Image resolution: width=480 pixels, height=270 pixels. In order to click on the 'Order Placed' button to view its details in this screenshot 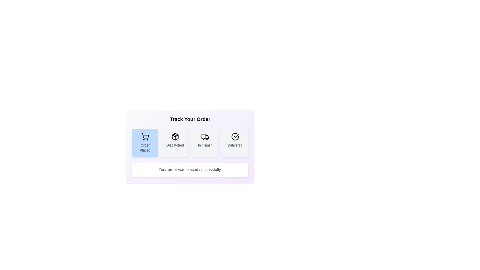, I will do `click(145, 142)`.